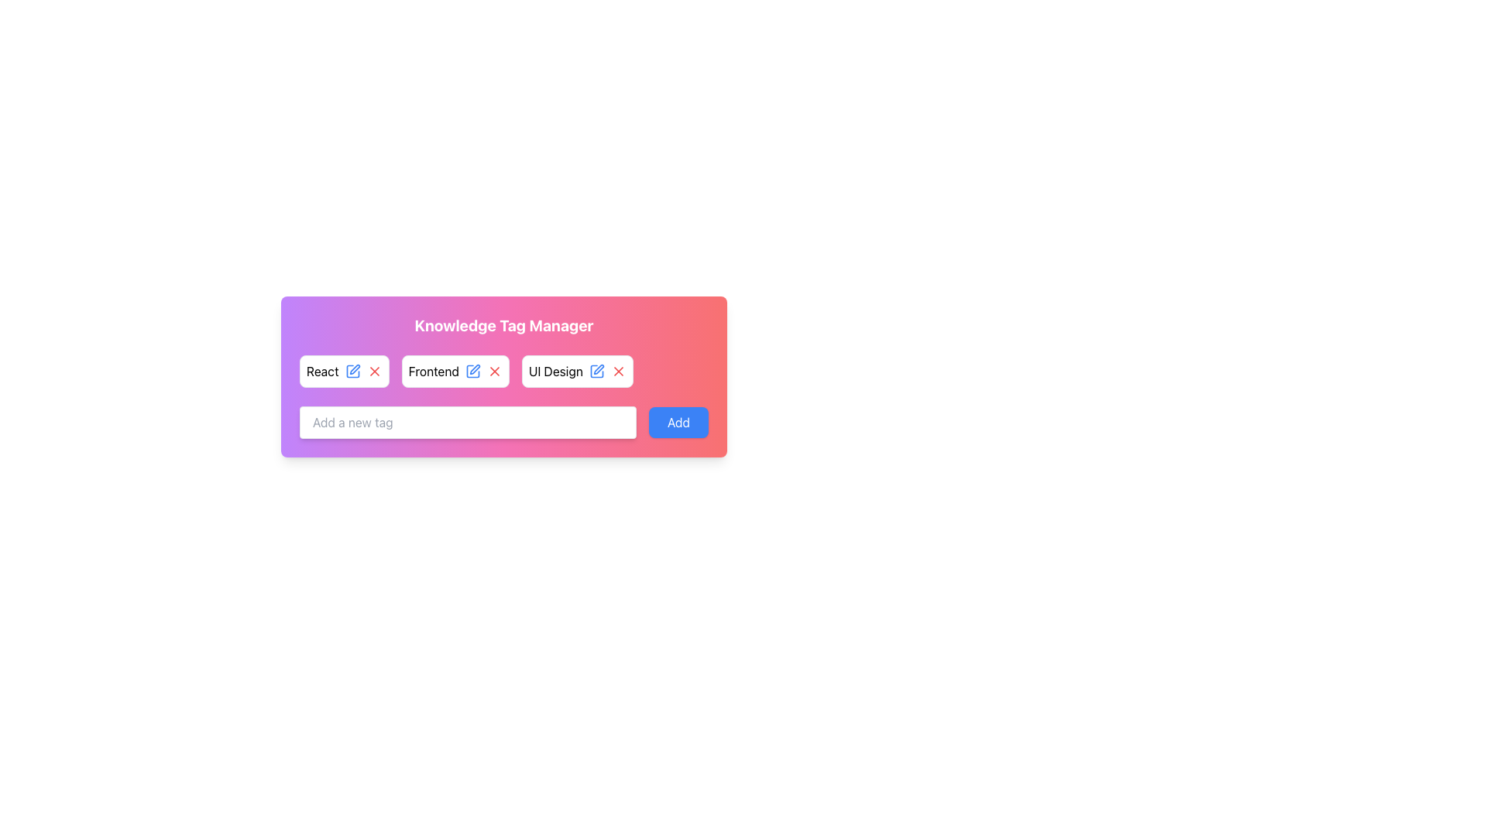 The image size is (1487, 836). I want to click on the close icon of the 'React' tag component, so click(343, 371).